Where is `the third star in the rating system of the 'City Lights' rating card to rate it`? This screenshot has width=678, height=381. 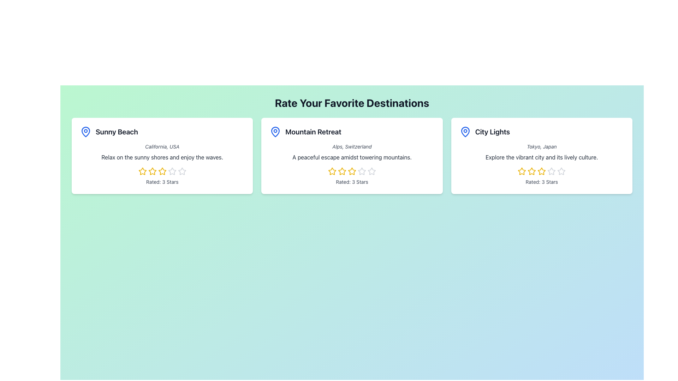
the third star in the rating system of the 'City Lights' rating card to rate it is located at coordinates (532, 171).